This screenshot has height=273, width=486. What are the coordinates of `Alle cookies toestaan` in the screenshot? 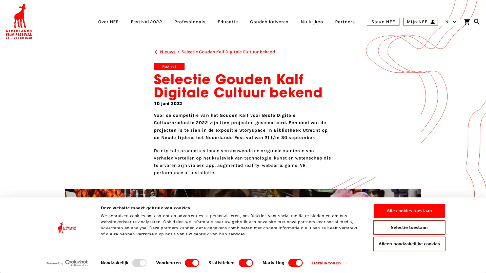 It's located at (409, 211).